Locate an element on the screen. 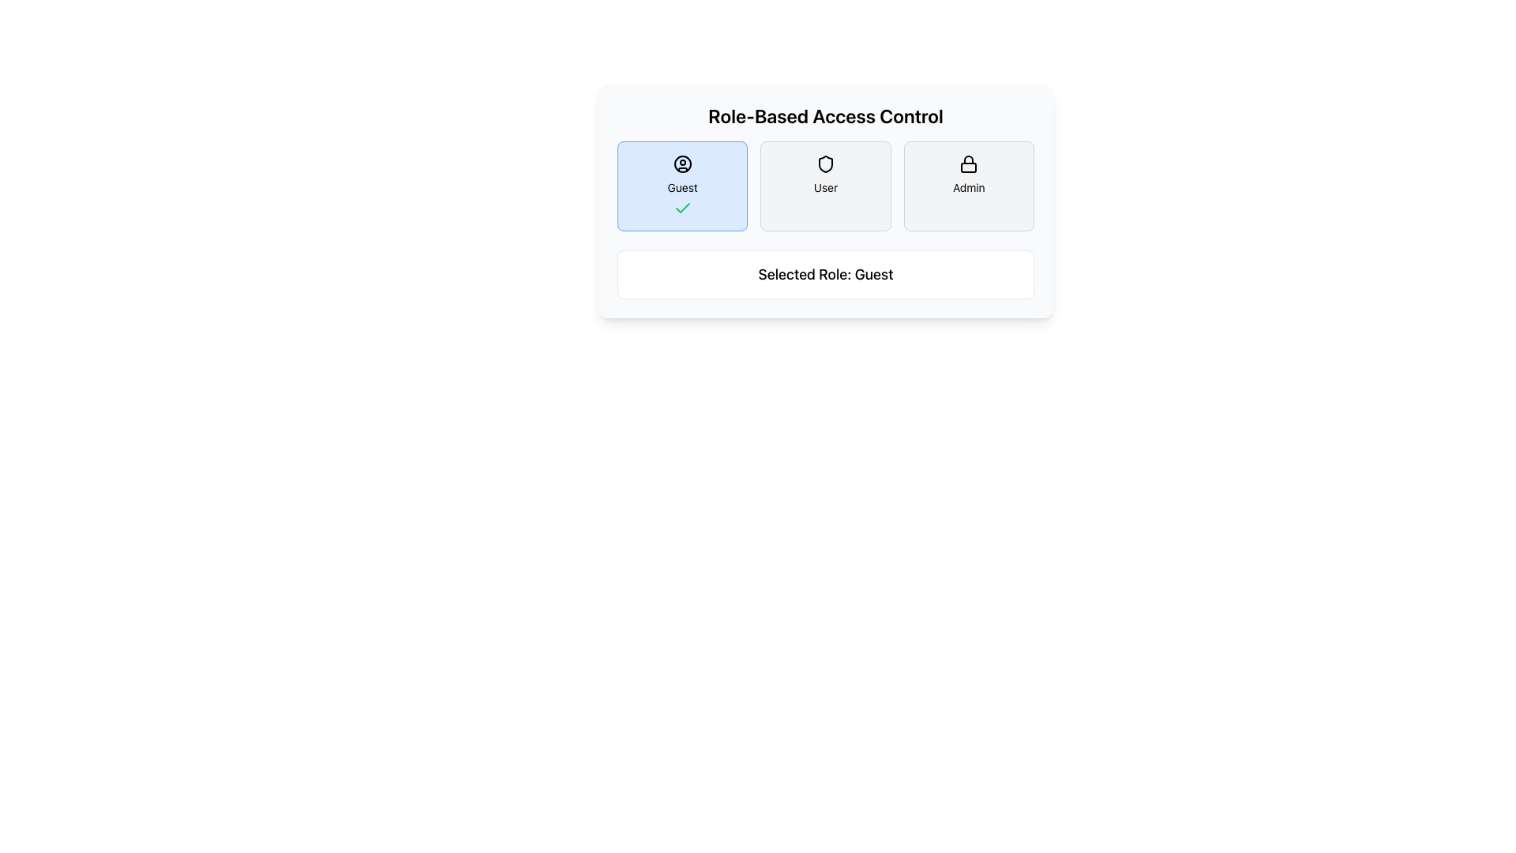 The height and width of the screenshot is (853, 1516). title text element located at the top of the section, which indicates the functionality or theme of the component below it is located at coordinates (825, 115).